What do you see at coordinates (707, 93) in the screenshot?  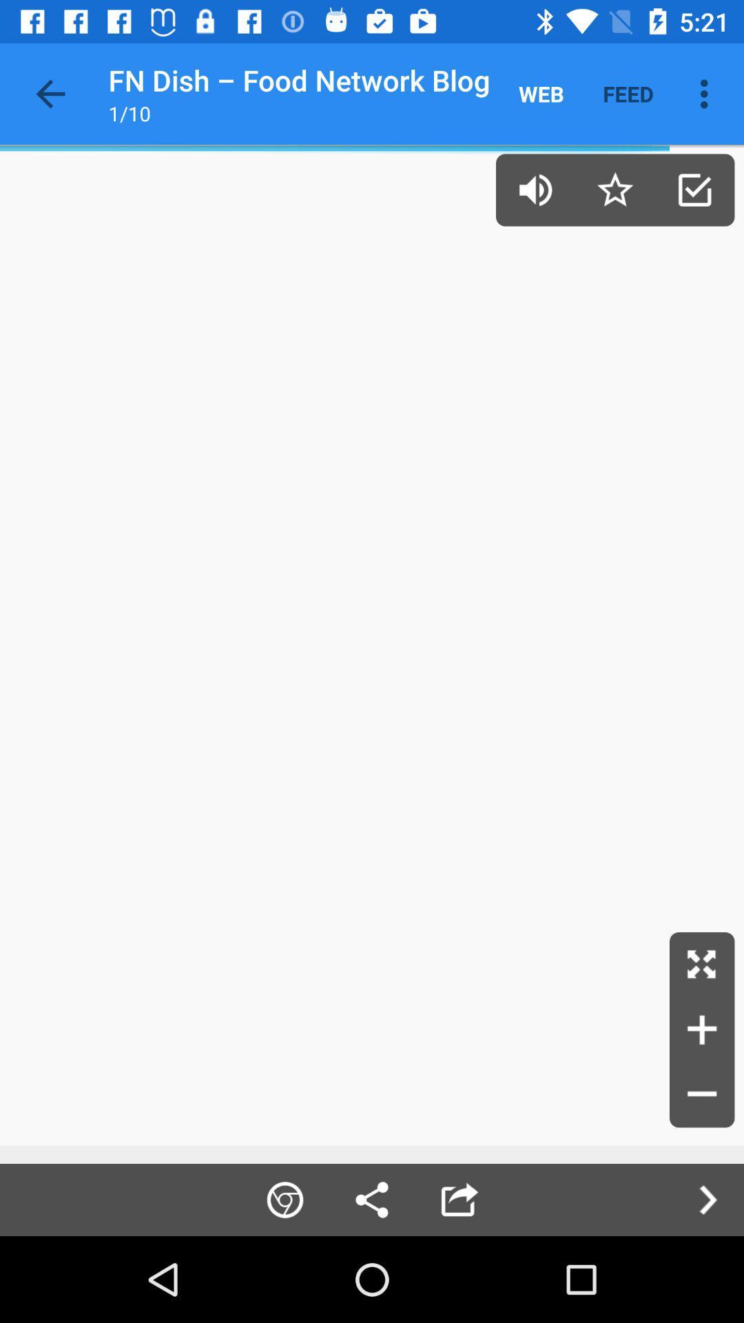 I see `the item next to feed icon` at bounding box center [707, 93].